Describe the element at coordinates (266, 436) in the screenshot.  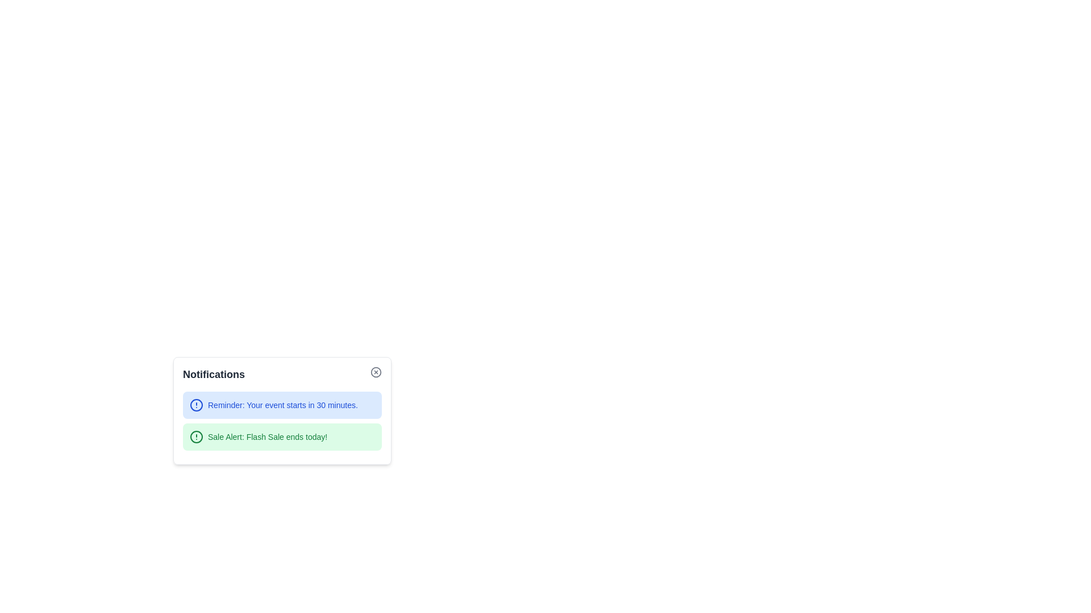
I see `the text component displaying 'Sale Alert: Flash Sale ends today!' which is styled in green and located within a green-highlighted notification box at the bottom of the interface` at that location.